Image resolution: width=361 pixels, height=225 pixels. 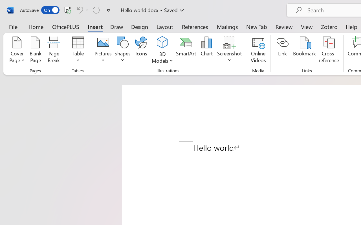 What do you see at coordinates (66, 10) in the screenshot?
I see `'Quick Access Toolbar'` at bounding box center [66, 10].